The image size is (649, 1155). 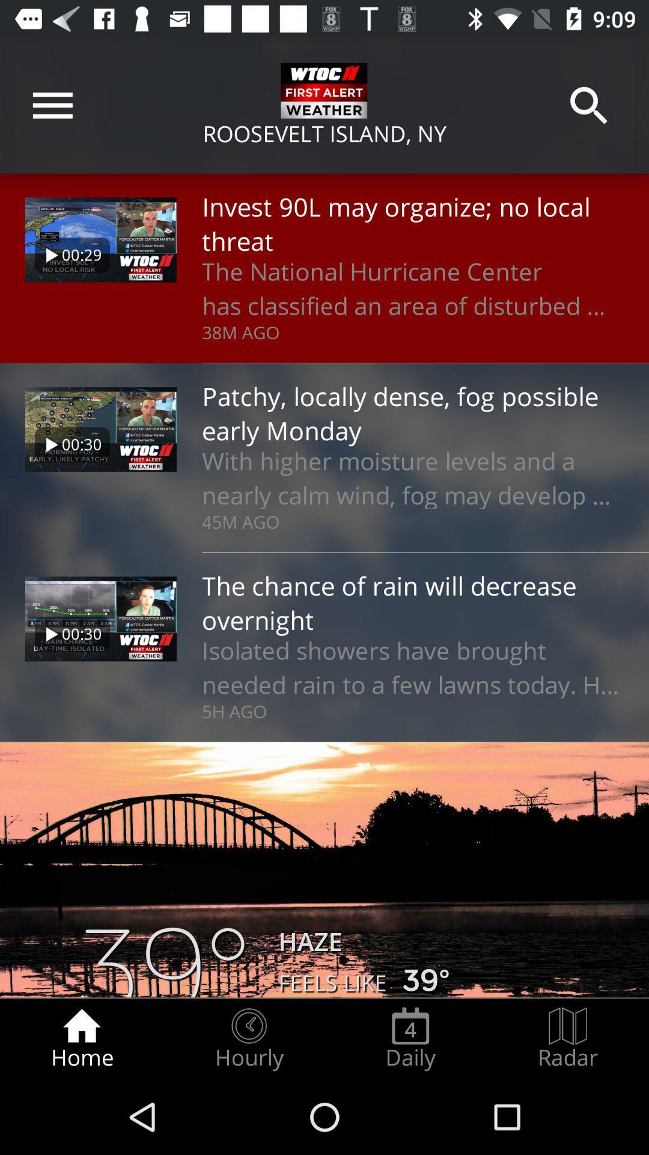 What do you see at coordinates (248, 1038) in the screenshot?
I see `icon to the left of the daily` at bounding box center [248, 1038].